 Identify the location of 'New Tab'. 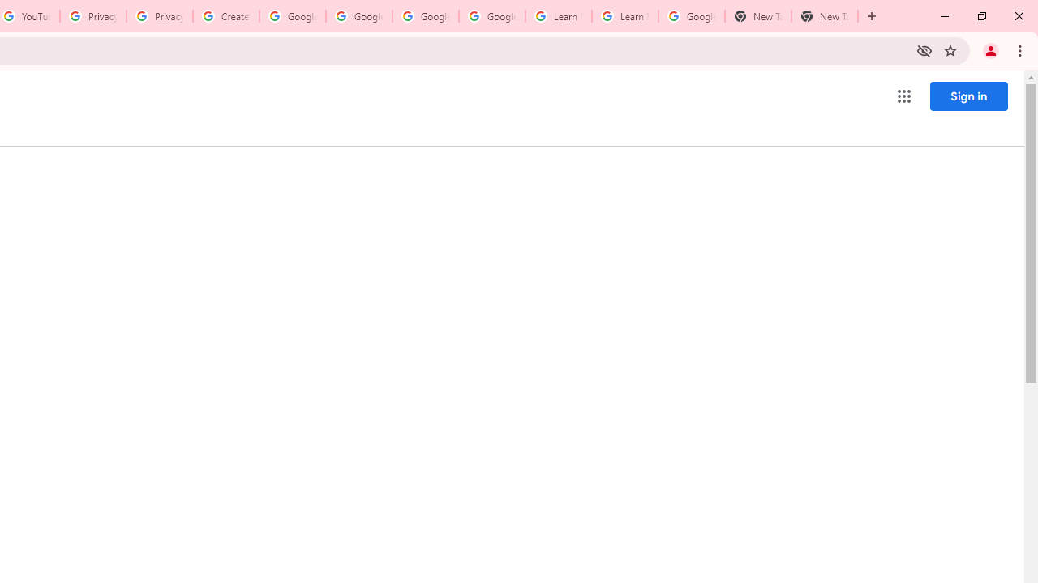
(824, 16).